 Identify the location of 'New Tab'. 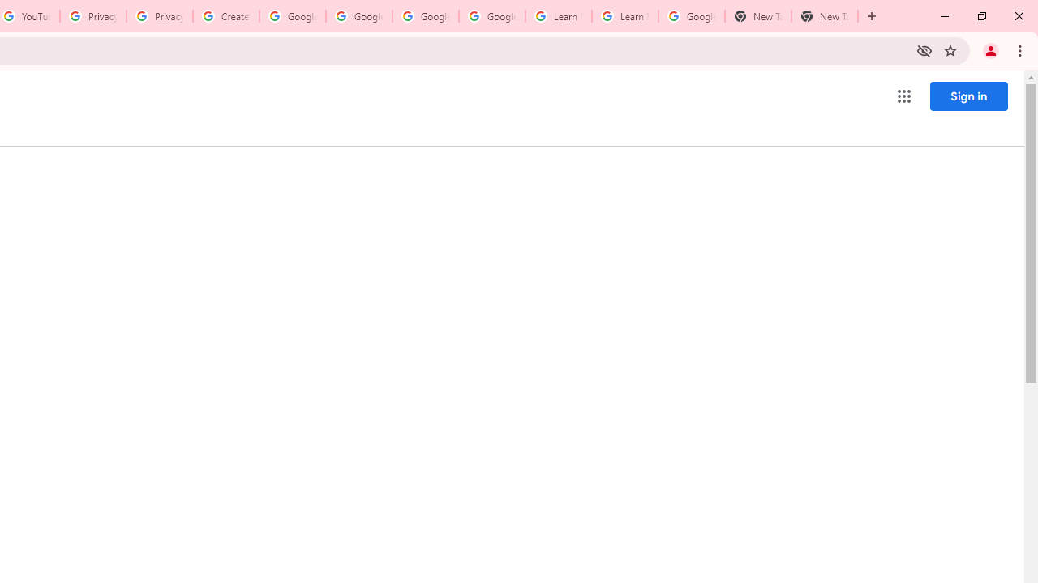
(824, 16).